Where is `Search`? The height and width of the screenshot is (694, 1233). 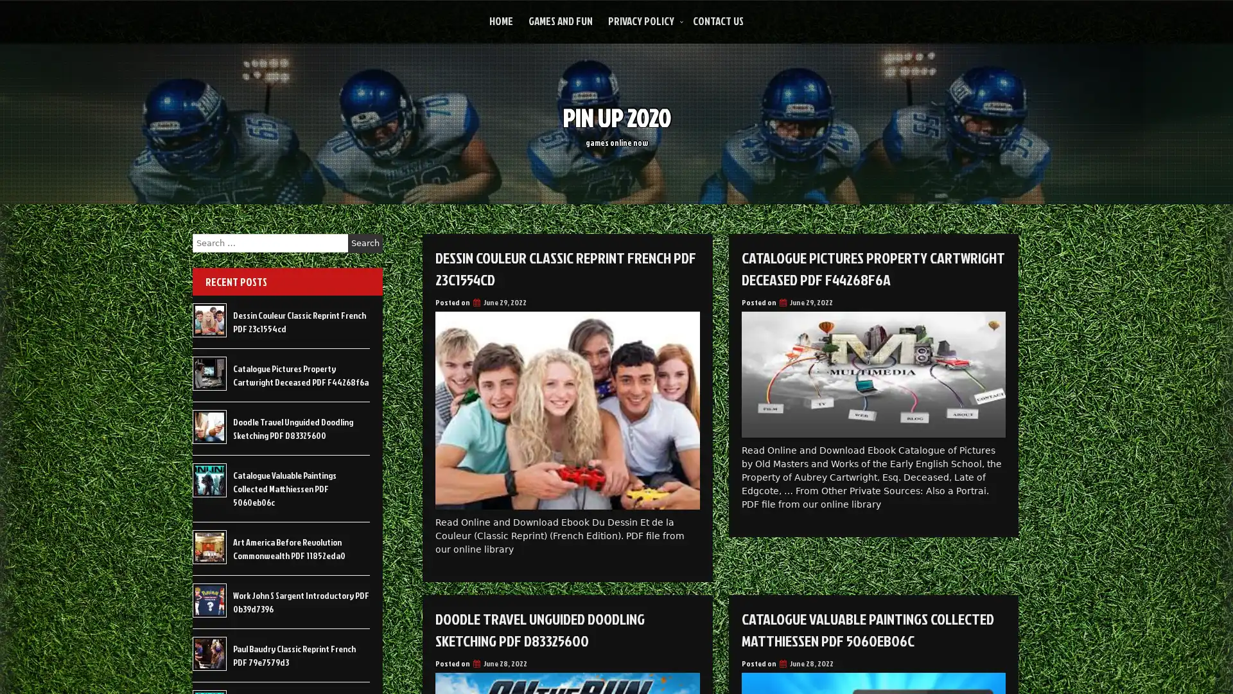 Search is located at coordinates (365, 243).